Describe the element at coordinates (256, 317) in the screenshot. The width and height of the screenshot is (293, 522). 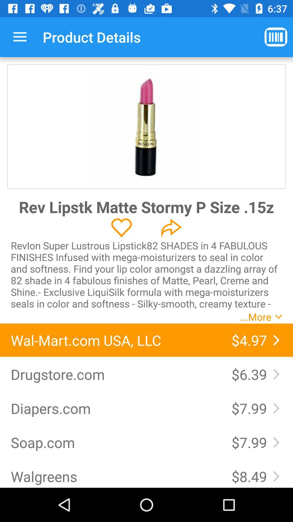
I see `...more` at that location.